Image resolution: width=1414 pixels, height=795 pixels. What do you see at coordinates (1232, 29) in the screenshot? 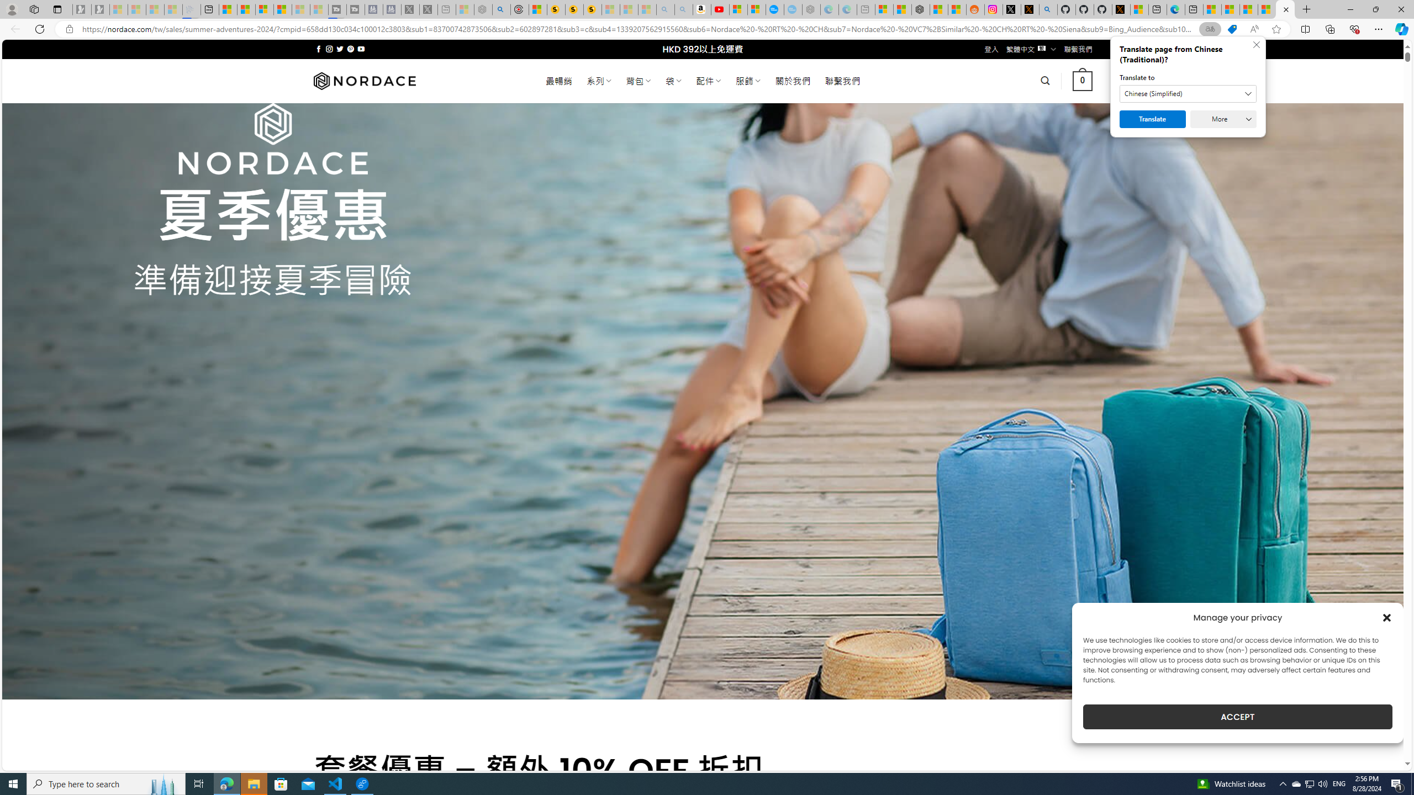
I see `'This site has coupons! Shopping in Microsoft Edge'` at bounding box center [1232, 29].